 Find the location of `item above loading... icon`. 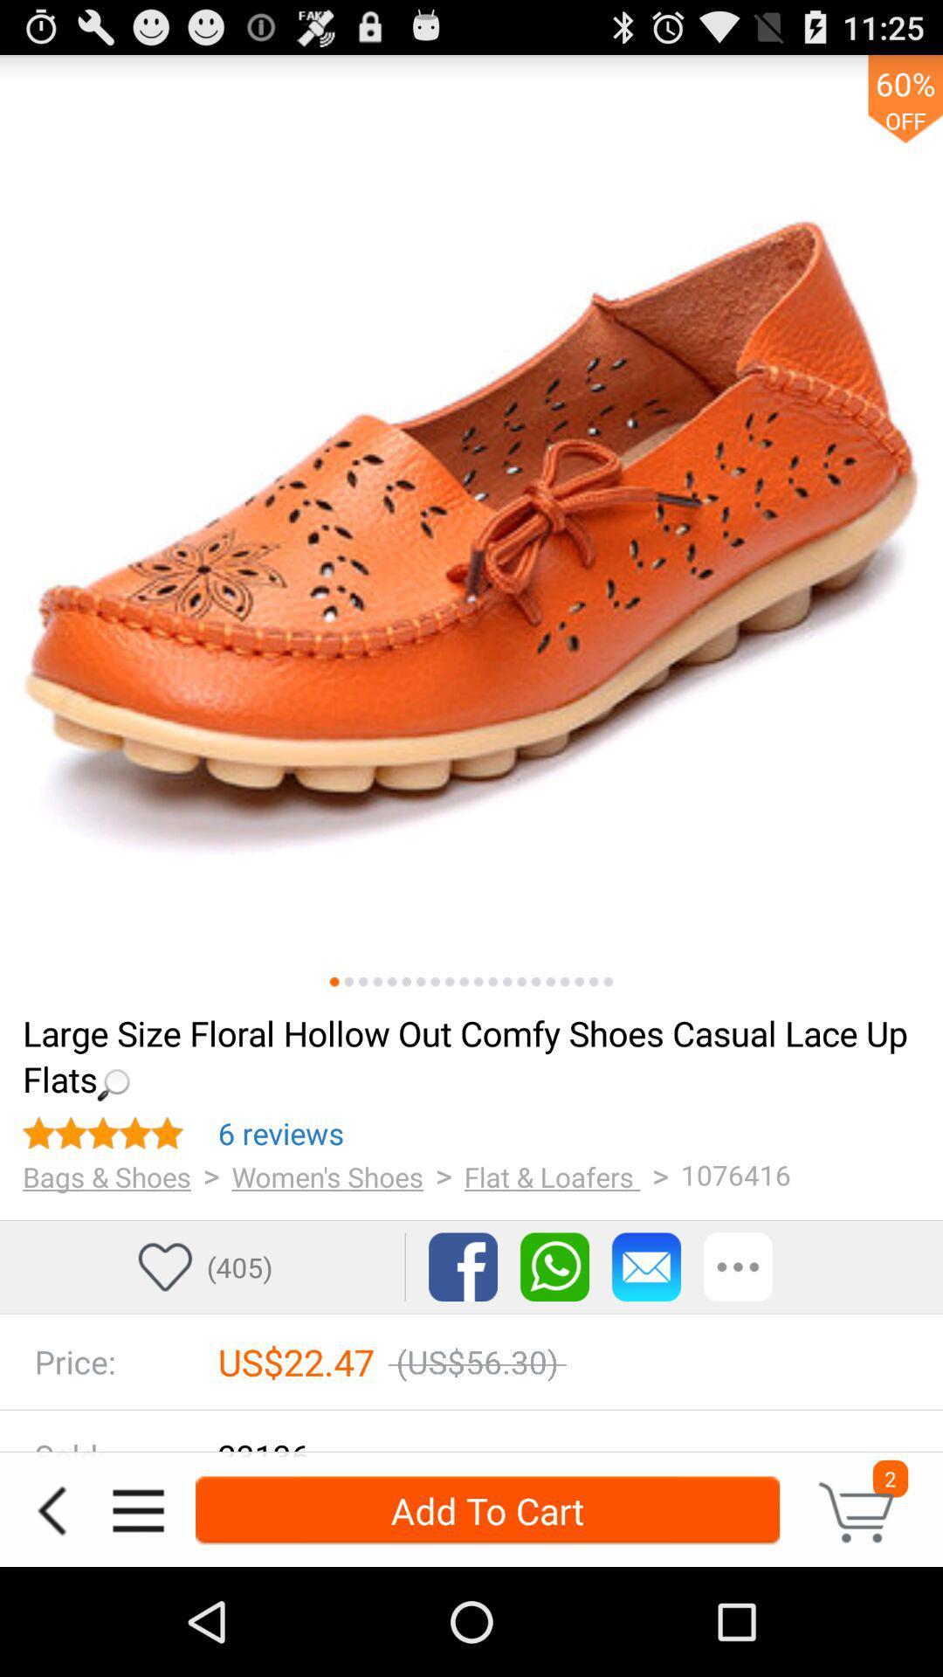

item above loading... icon is located at coordinates (463, 982).